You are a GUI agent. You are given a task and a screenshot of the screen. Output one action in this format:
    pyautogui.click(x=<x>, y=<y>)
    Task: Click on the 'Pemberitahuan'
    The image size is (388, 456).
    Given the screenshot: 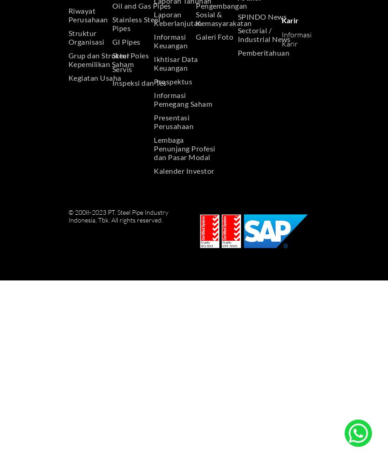 What is the action you would take?
    pyautogui.click(x=263, y=52)
    